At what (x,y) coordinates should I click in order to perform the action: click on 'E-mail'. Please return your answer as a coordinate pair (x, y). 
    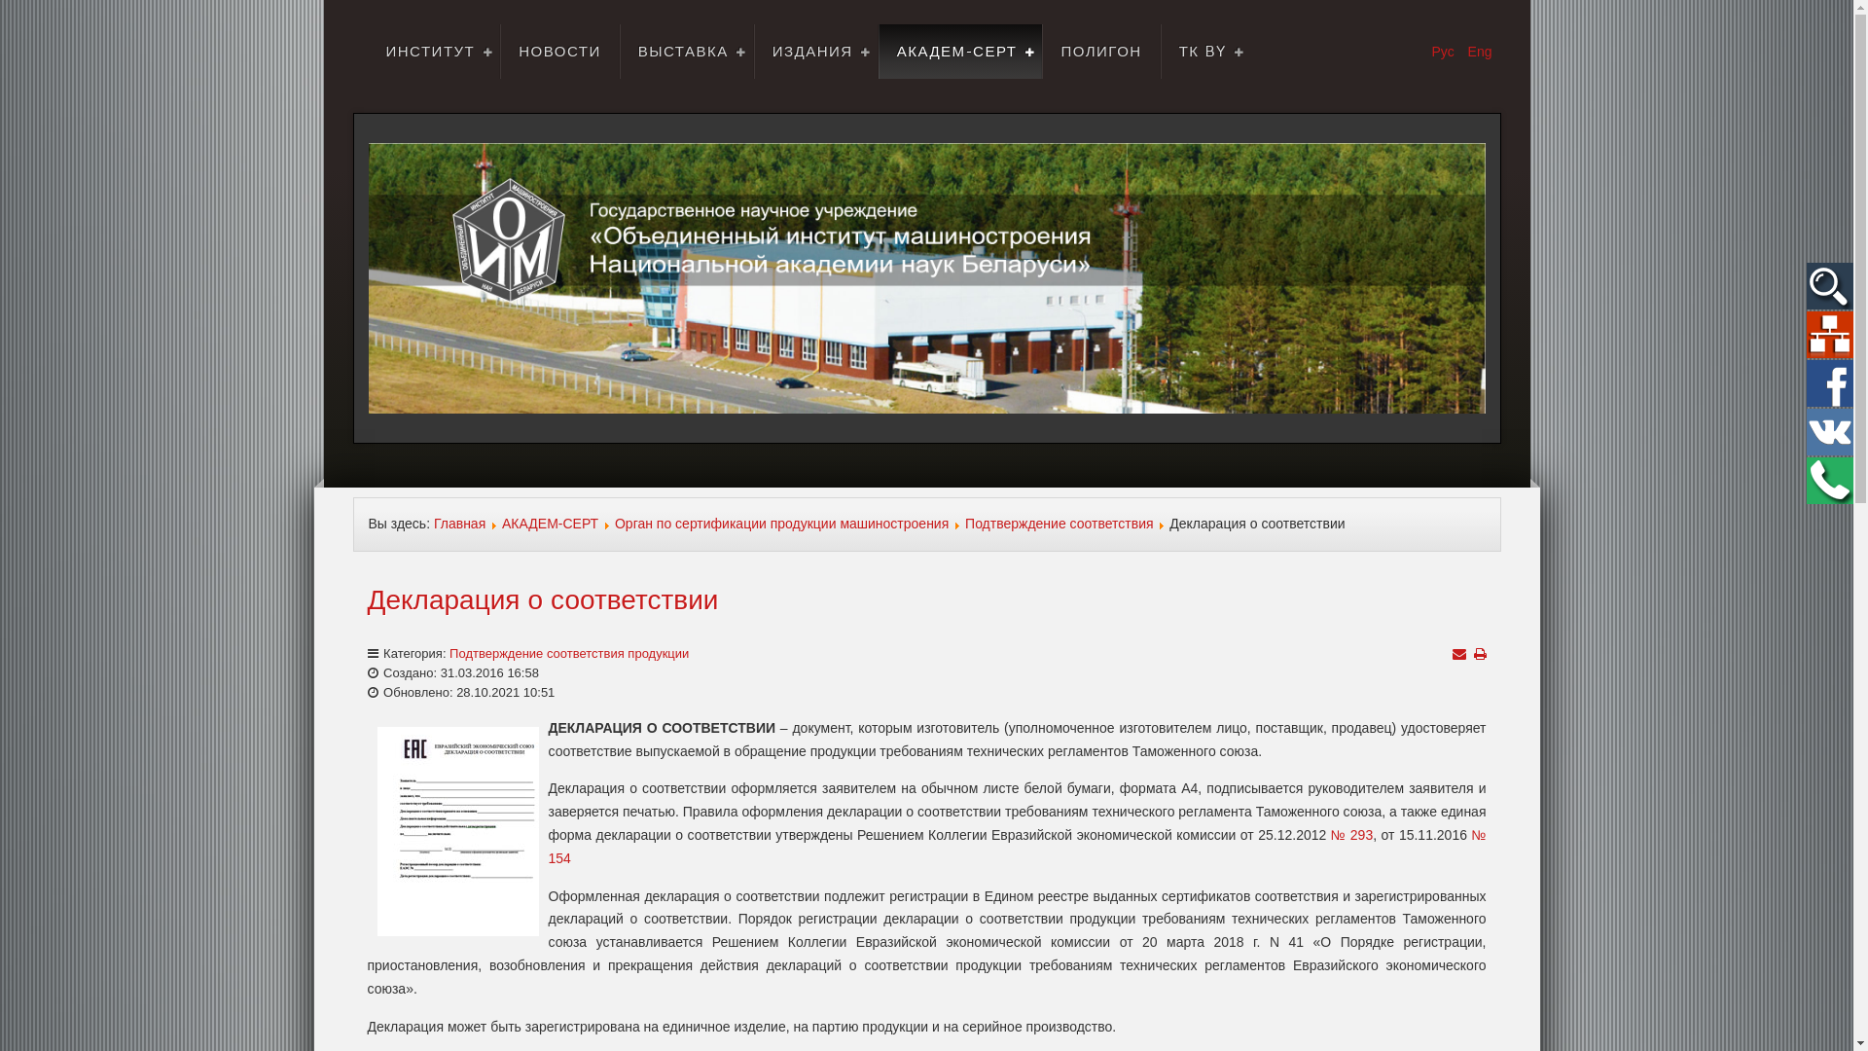
    Looking at the image, I should click on (1457, 653).